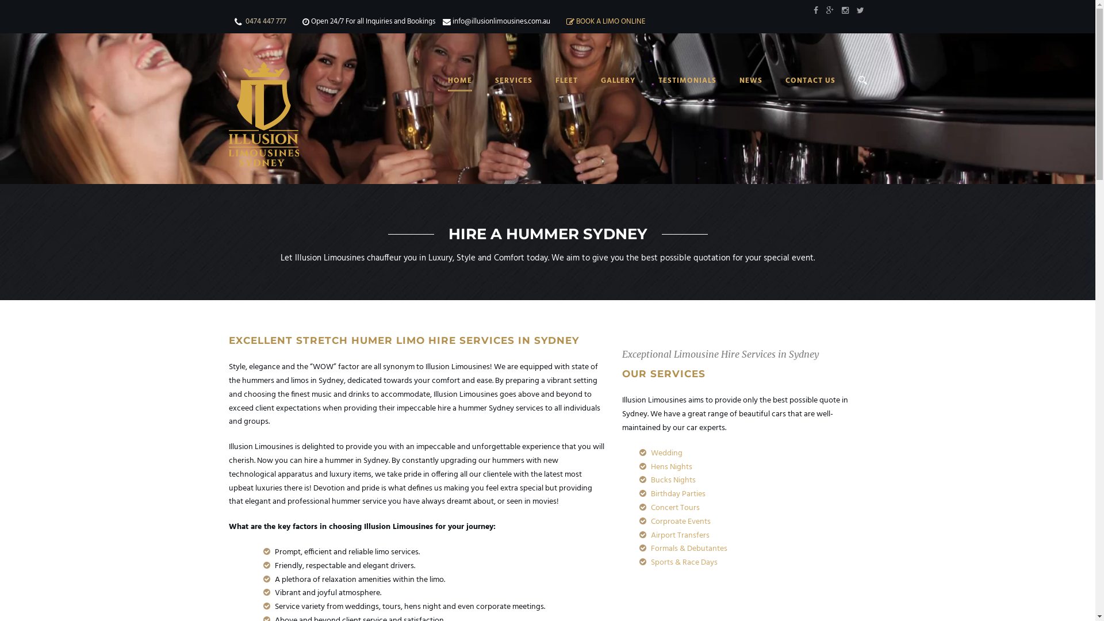 Image resolution: width=1104 pixels, height=621 pixels. Describe the element at coordinates (610, 21) in the screenshot. I see `'BOOK A LIMO ONLINE'` at that location.